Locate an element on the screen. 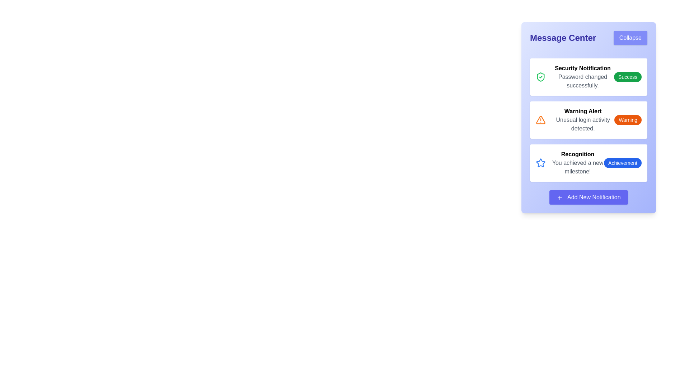  the orange alert icon in the shape of a triangle with an exclamation mark inside it, located to the left of the 'Warning Alert' text is located at coordinates (541, 120).